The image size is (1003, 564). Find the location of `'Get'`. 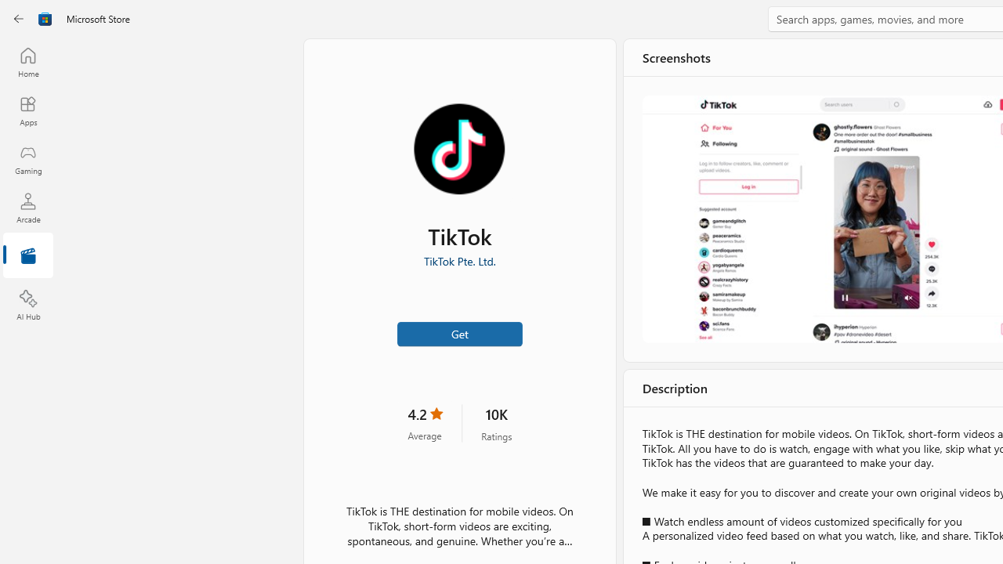

'Get' is located at coordinates (458, 332).